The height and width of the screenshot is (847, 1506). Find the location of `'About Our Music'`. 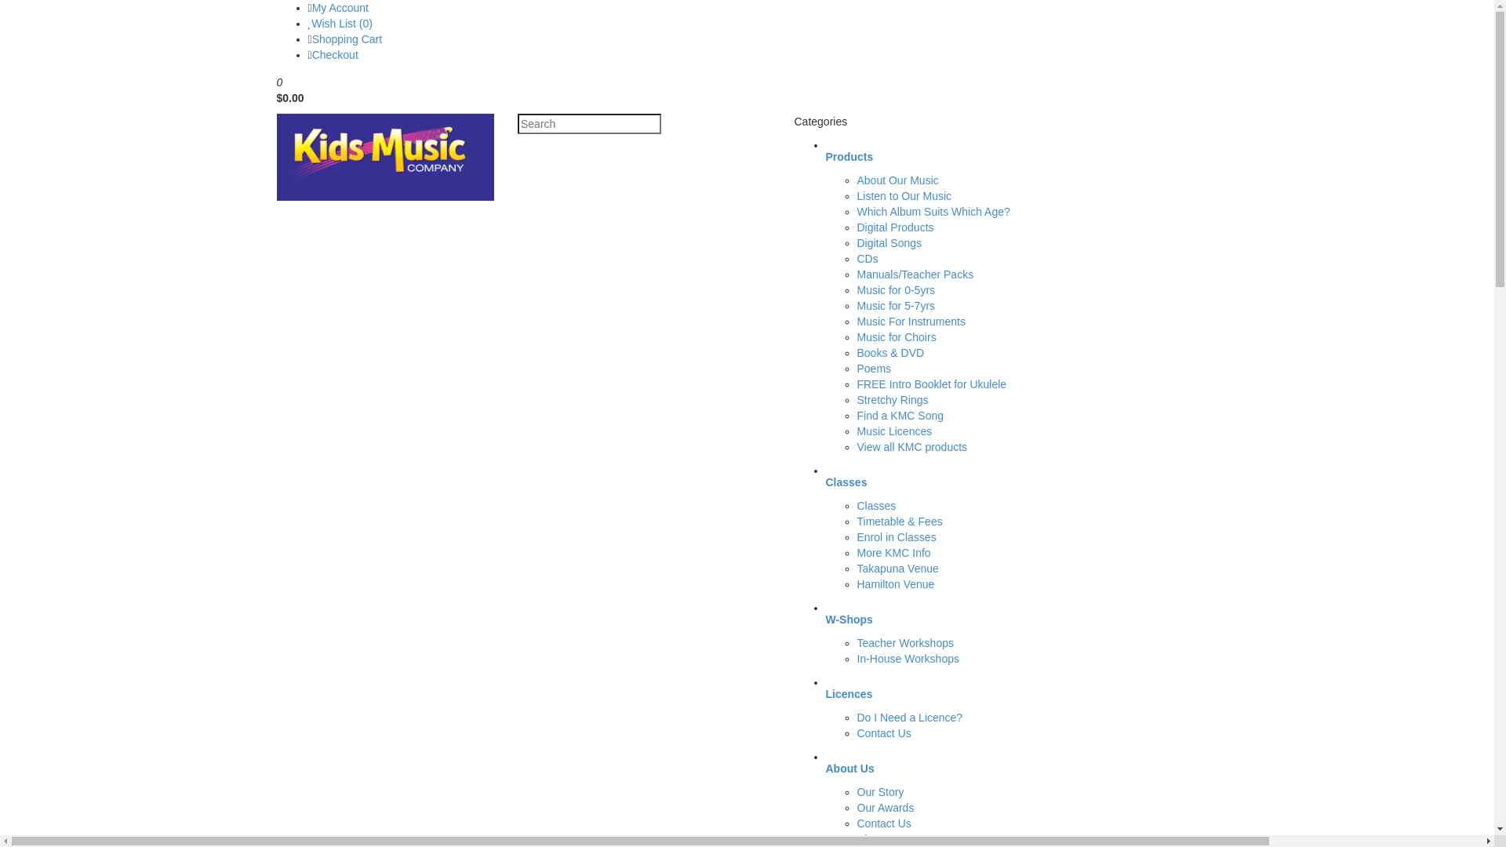

'About Our Music' is located at coordinates (855, 180).